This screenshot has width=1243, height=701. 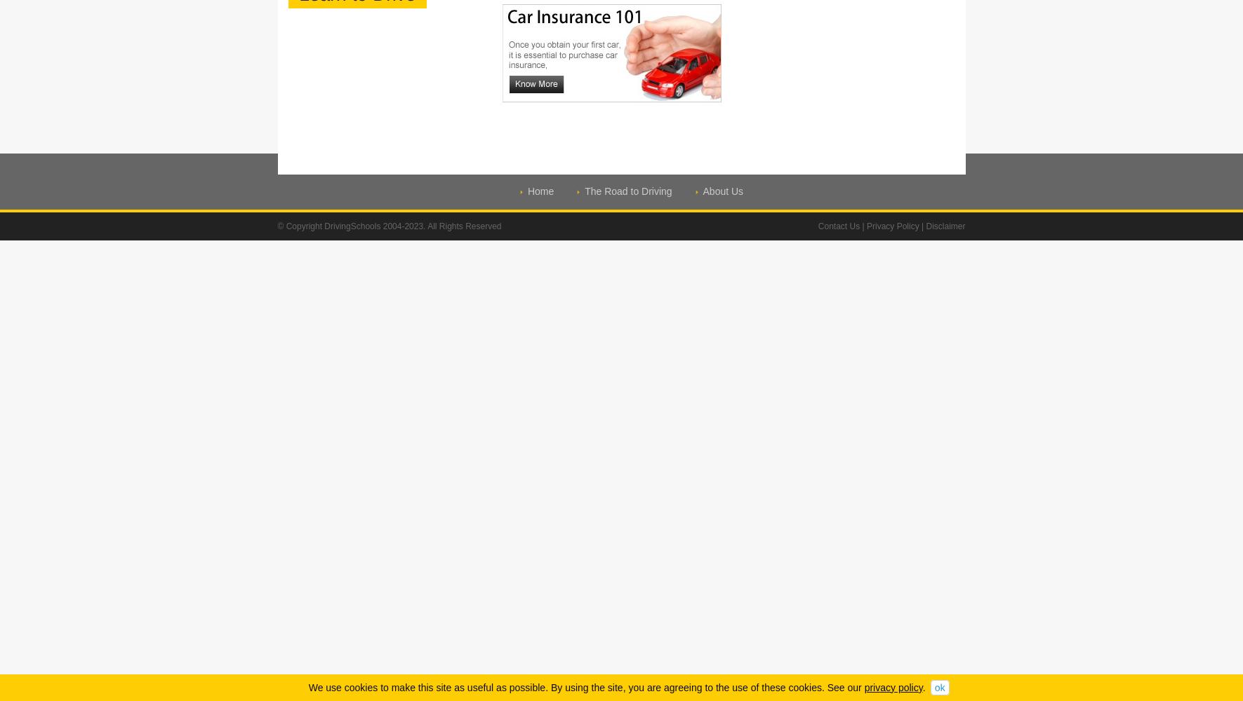 I want to click on 'Disclaimer', so click(x=925, y=226).